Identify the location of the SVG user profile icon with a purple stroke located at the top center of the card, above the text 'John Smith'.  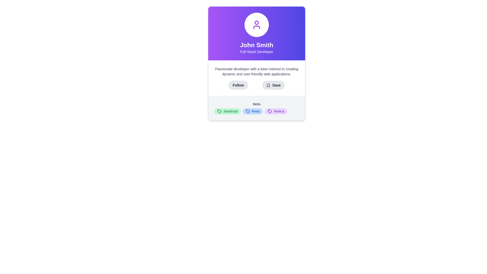
(257, 25).